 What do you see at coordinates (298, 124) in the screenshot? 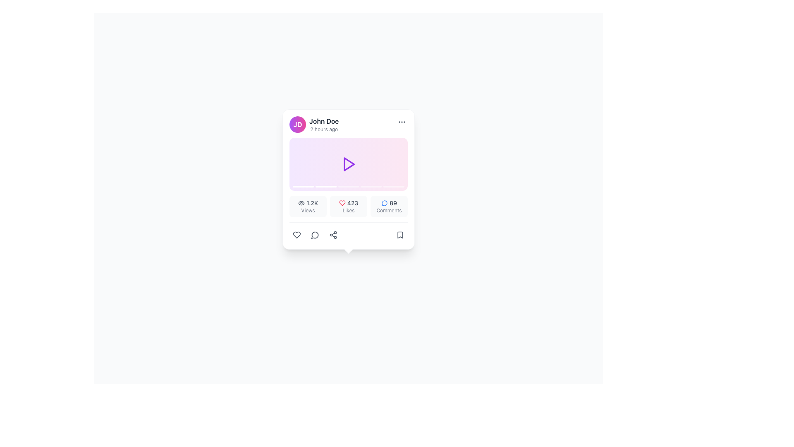
I see `the text element displaying 'JD' in bold white font, which is centrally positioned within a circular gradient background in the top-left corner of the card component` at bounding box center [298, 124].